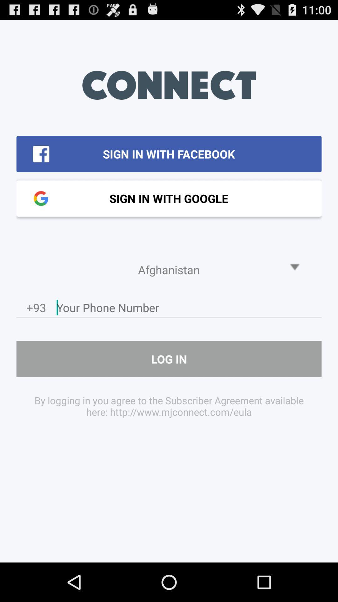 The image size is (338, 602). I want to click on icon above the log in item, so click(189, 309).